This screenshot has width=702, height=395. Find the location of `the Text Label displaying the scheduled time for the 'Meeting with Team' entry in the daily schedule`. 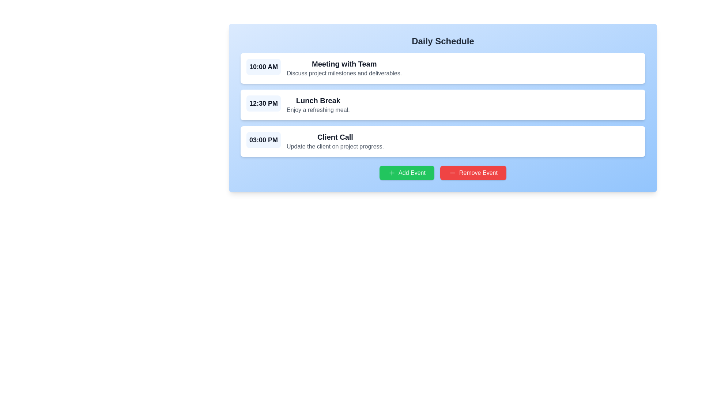

the Text Label displaying the scheduled time for the 'Meeting with Team' entry in the daily schedule is located at coordinates (263, 67).